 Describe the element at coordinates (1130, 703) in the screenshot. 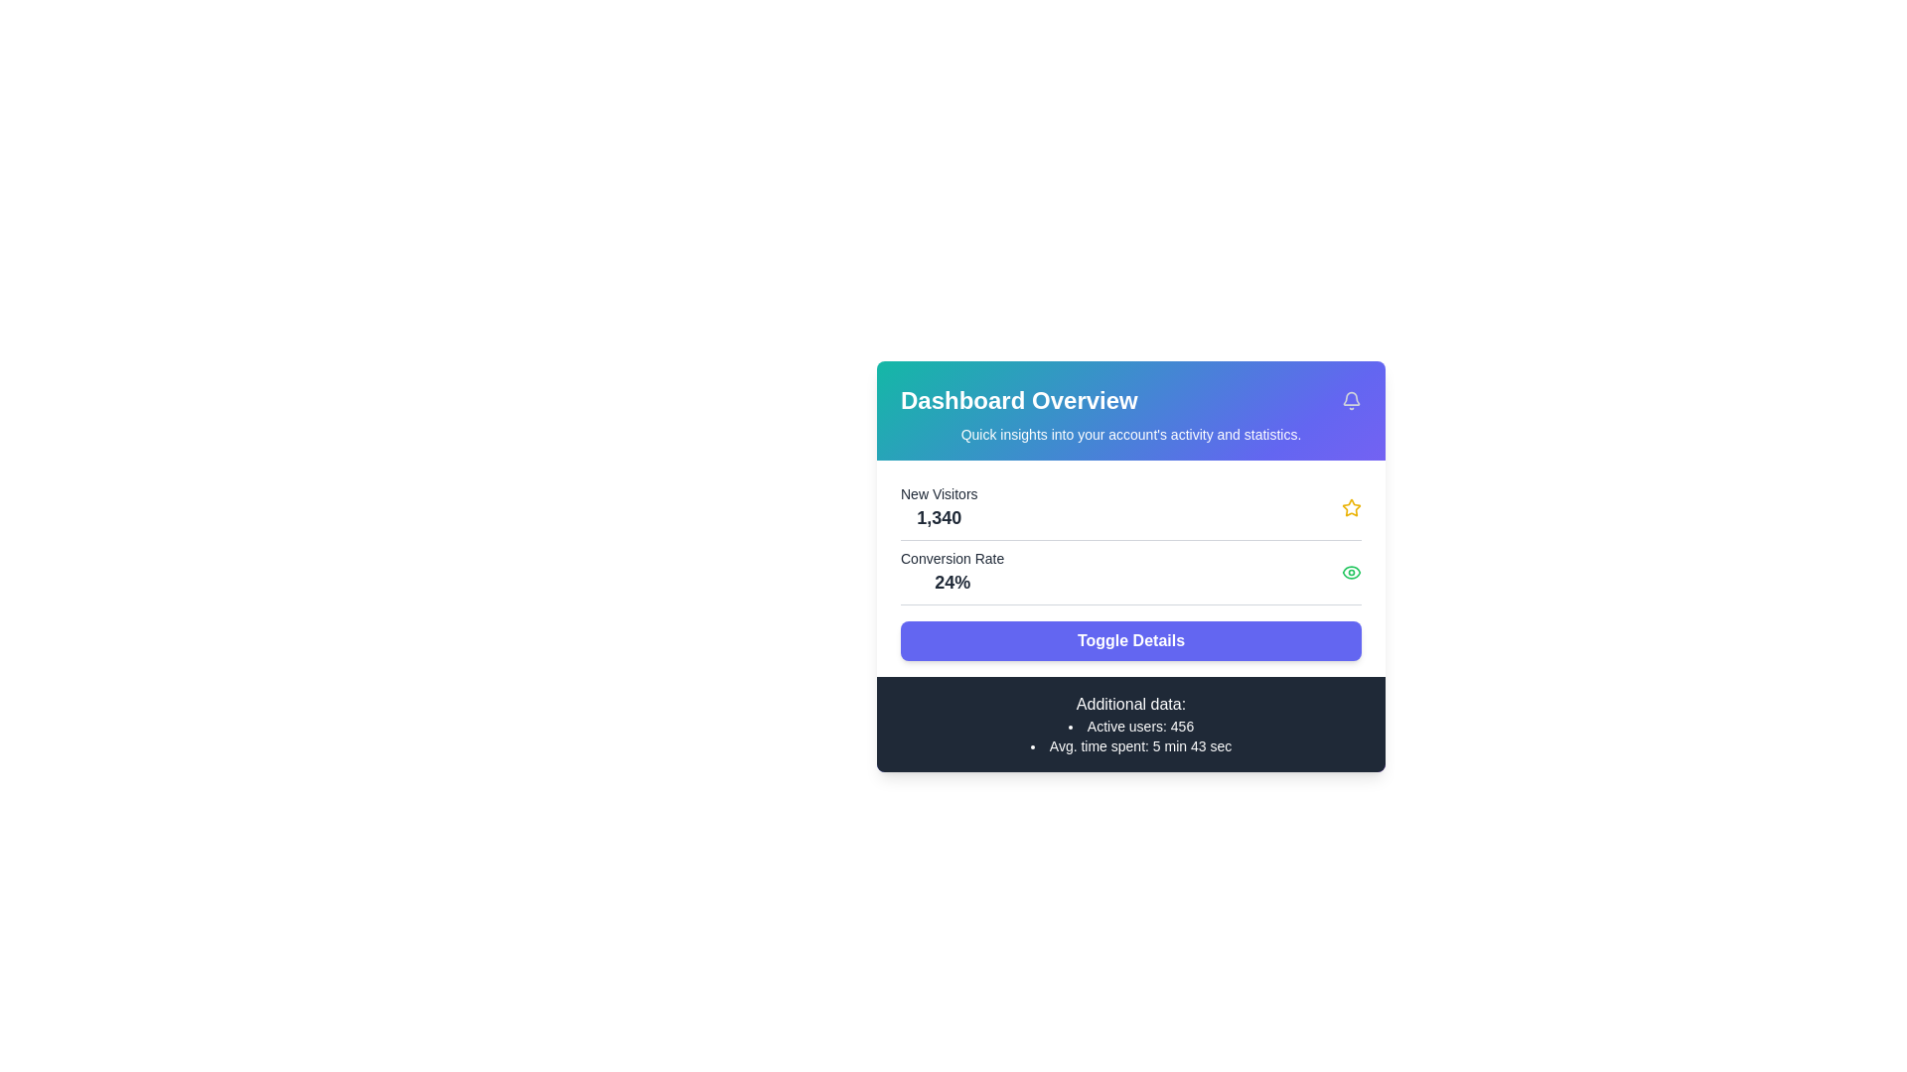

I see `the text content of the label that reads 'Additional data:' which appears in white text against a dark gray background` at that location.